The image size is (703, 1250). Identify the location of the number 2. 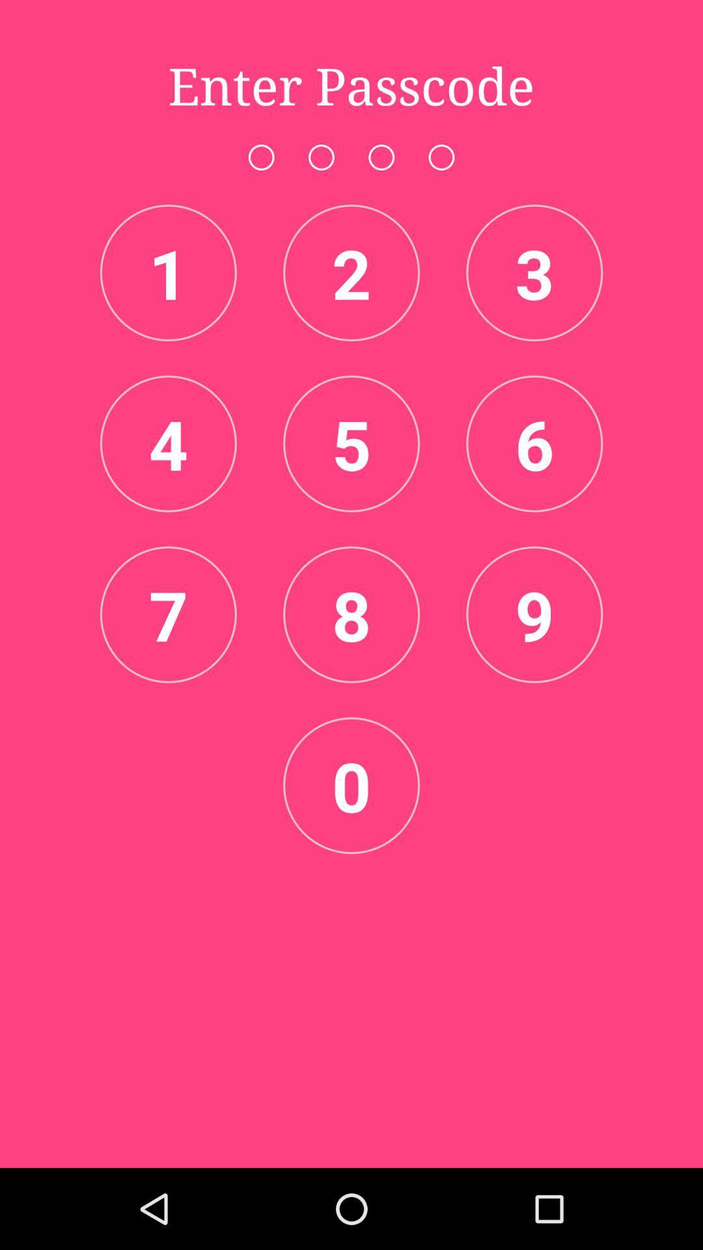
(351, 271).